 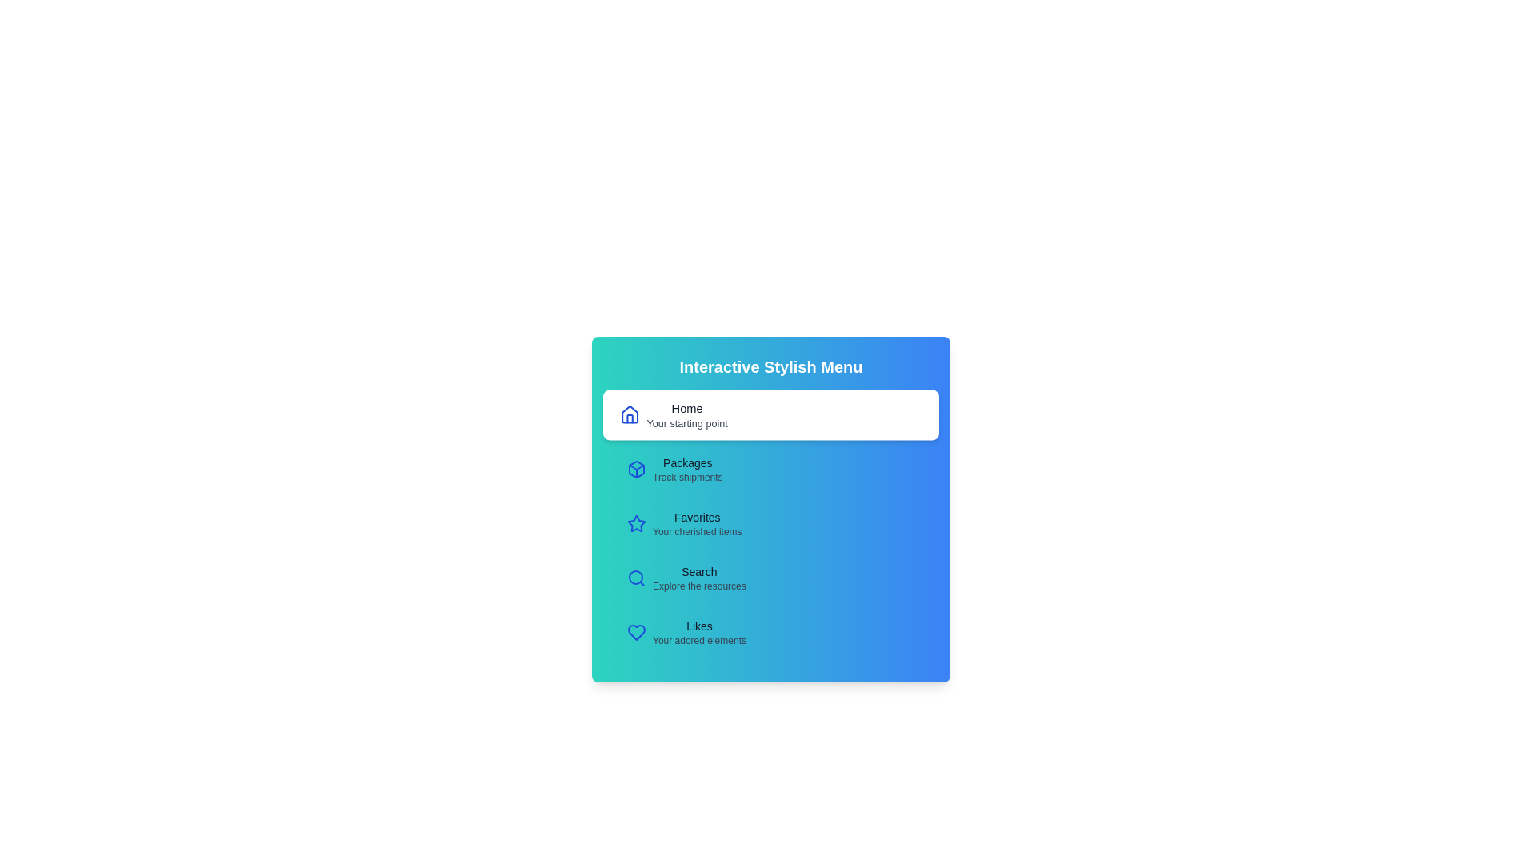 What do you see at coordinates (771, 468) in the screenshot?
I see `the menu item Packages` at bounding box center [771, 468].